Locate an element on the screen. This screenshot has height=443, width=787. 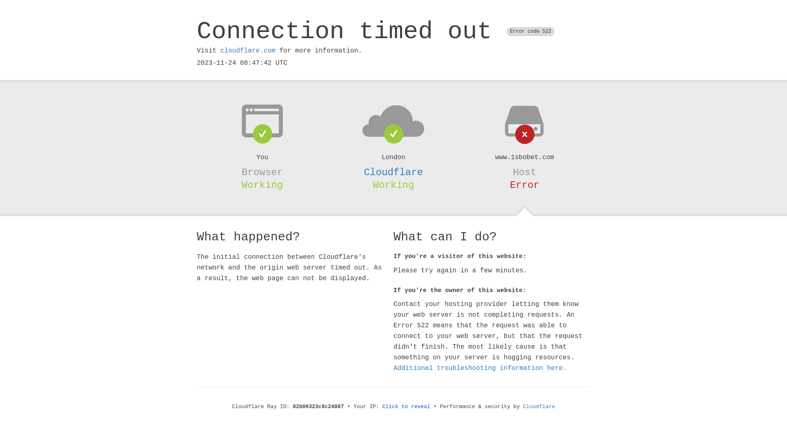
'Additional troubleshooting information here.' is located at coordinates (480, 368).